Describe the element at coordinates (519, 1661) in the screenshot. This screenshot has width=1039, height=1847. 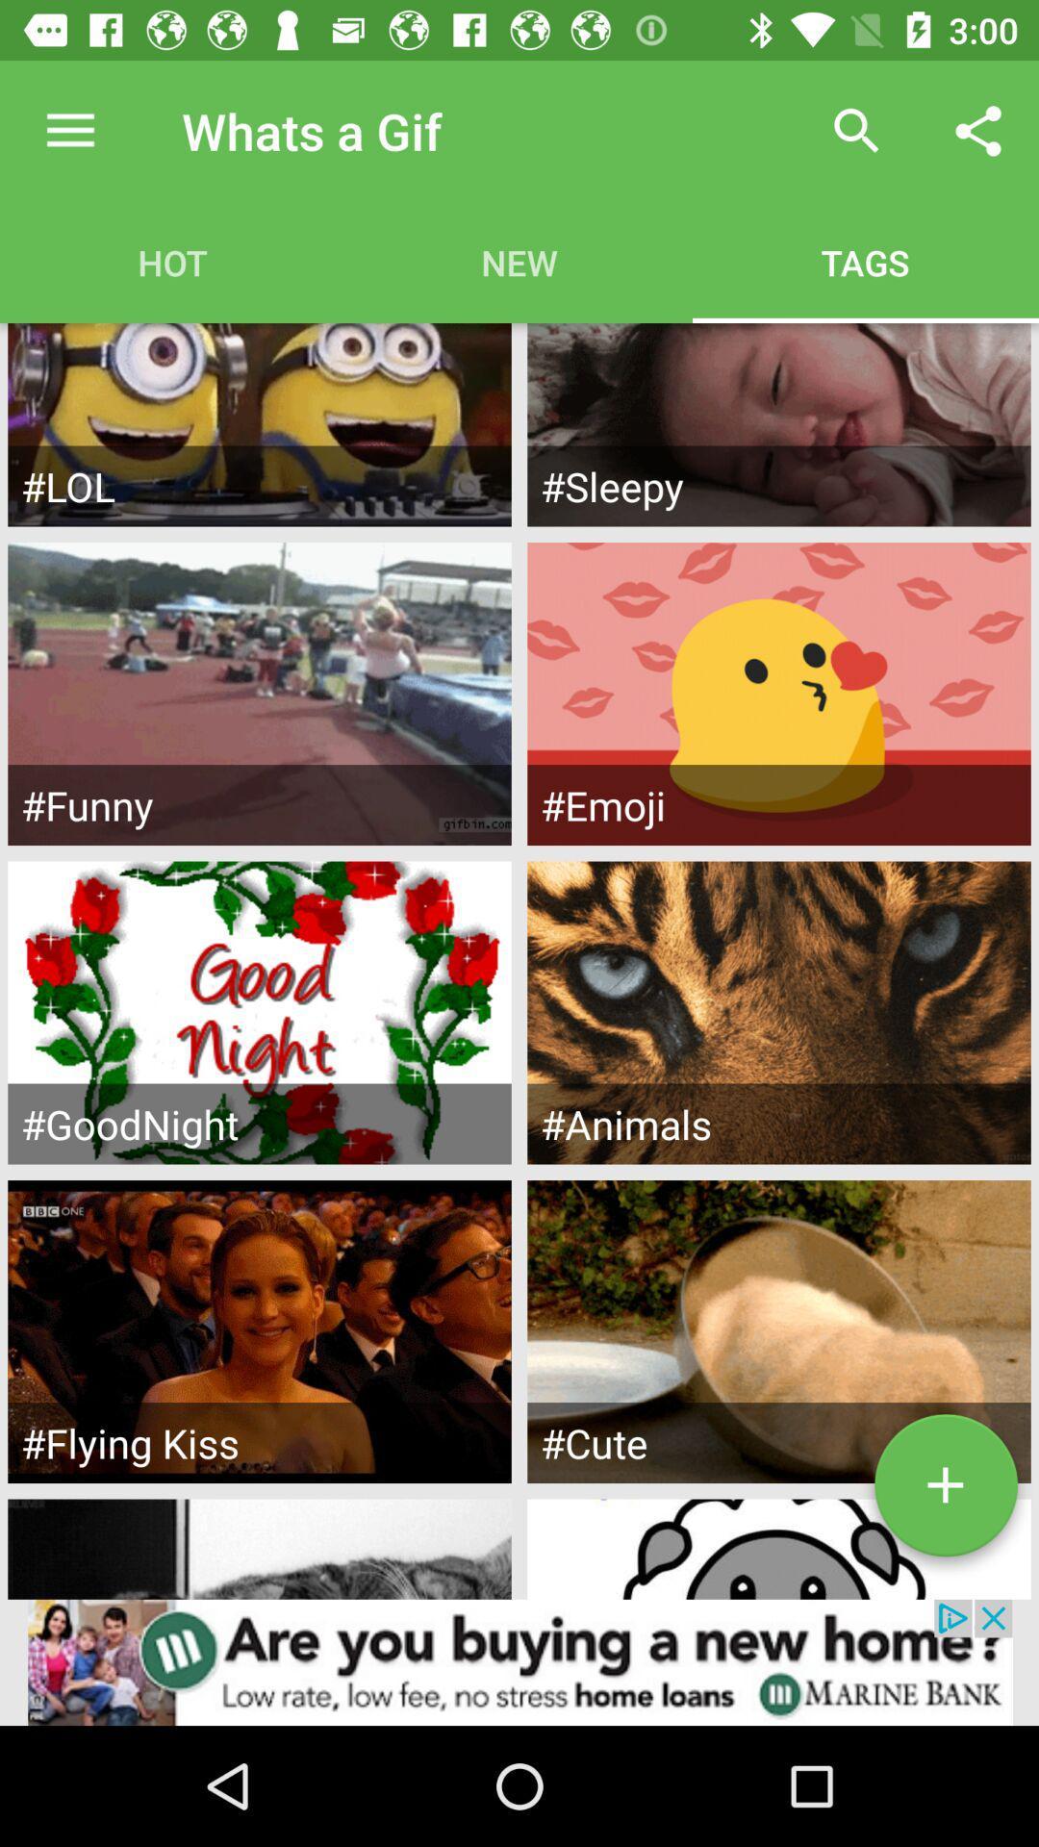
I see `marine bank website` at that location.